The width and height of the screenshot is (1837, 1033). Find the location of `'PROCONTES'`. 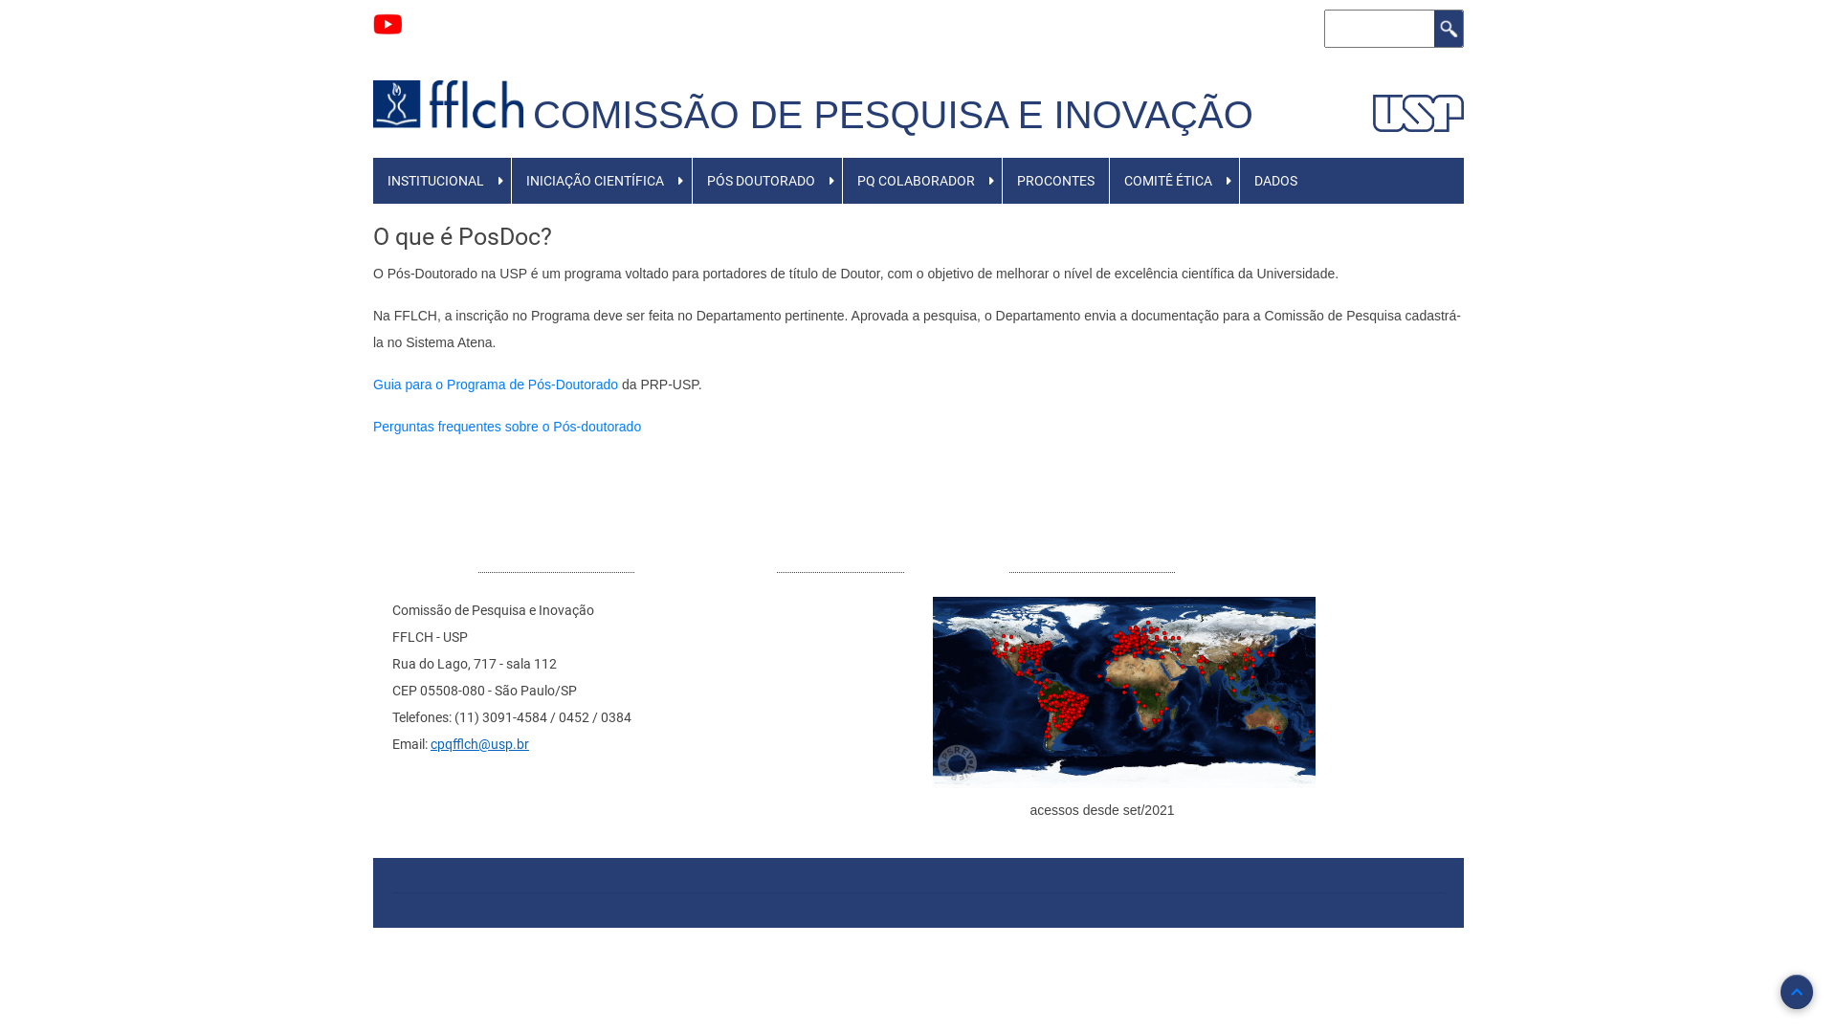

'PROCONTES' is located at coordinates (1054, 181).